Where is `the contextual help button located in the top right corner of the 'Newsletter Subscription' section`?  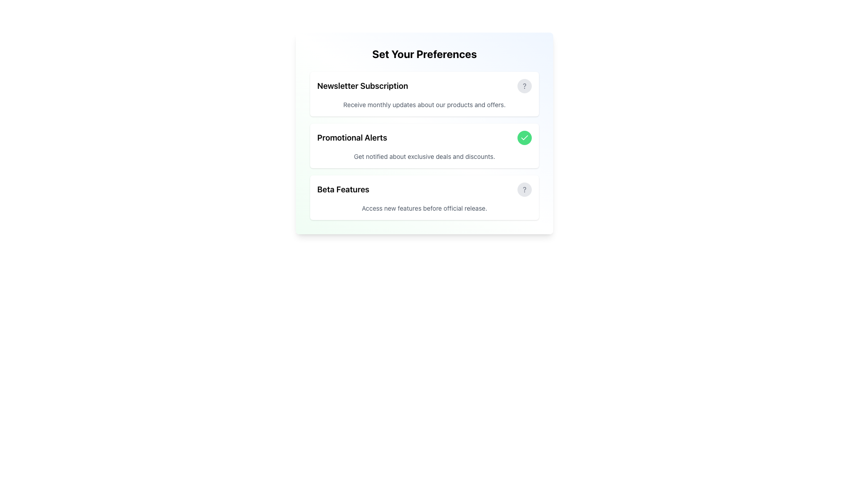
the contextual help button located in the top right corner of the 'Newsletter Subscription' section is located at coordinates (525, 86).